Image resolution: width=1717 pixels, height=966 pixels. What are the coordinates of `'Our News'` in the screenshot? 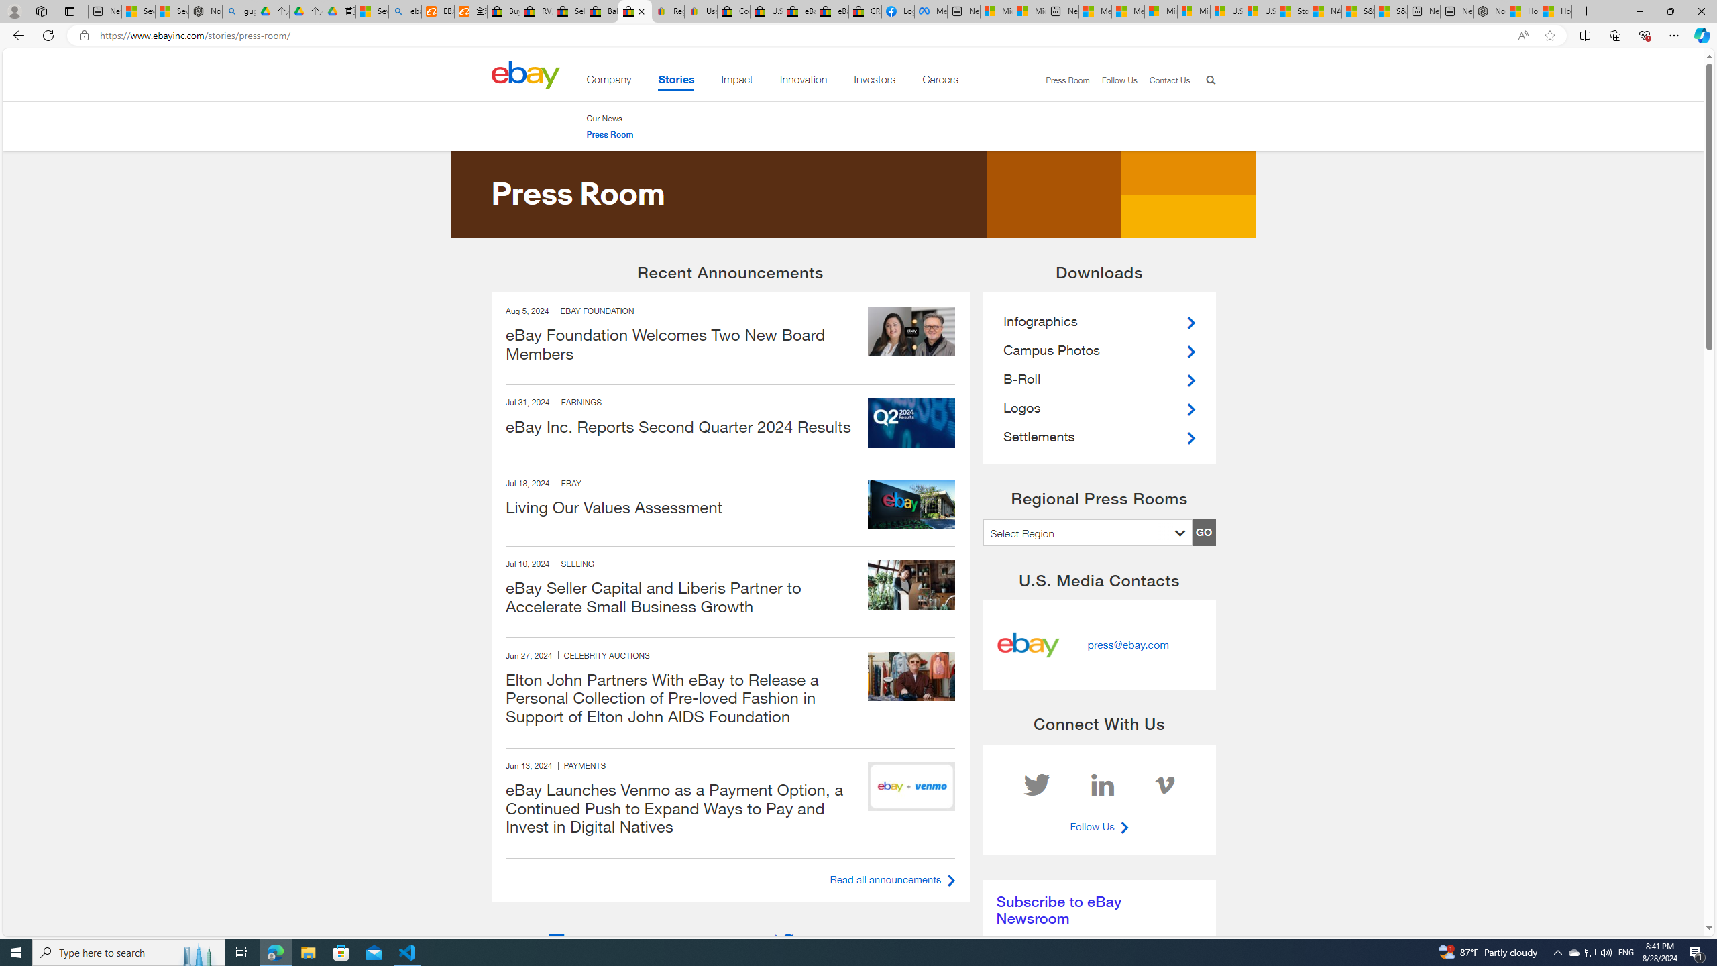 It's located at (609, 118).